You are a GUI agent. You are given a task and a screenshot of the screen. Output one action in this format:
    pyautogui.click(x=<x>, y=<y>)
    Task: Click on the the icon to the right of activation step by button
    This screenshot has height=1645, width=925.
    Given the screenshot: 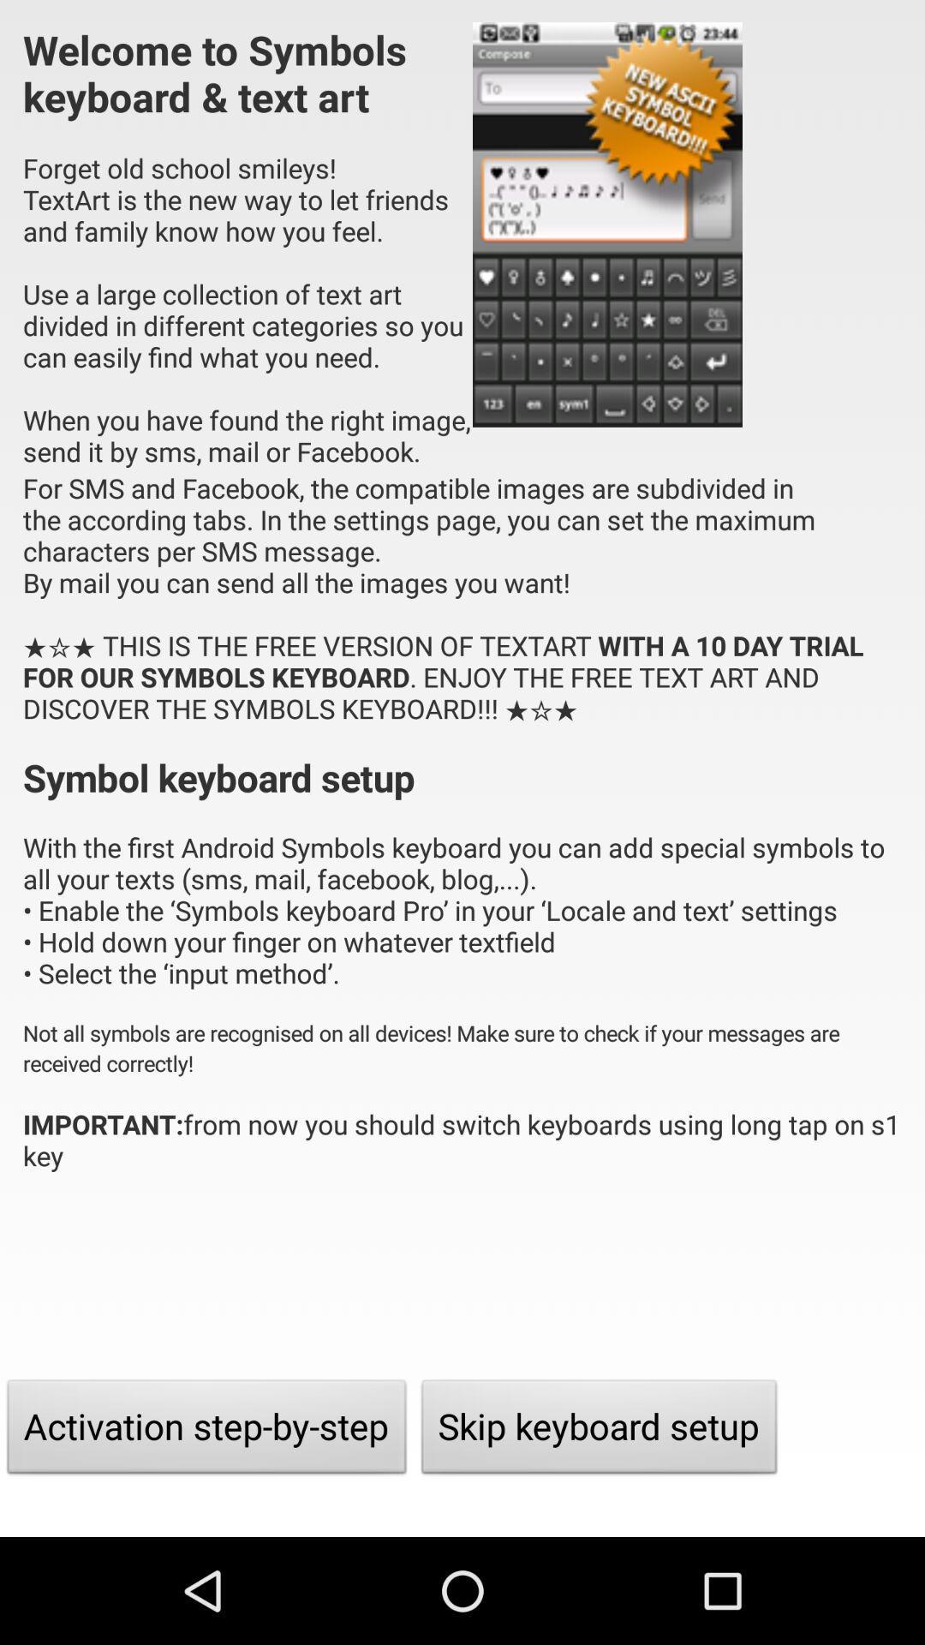 What is the action you would take?
    pyautogui.click(x=599, y=1431)
    